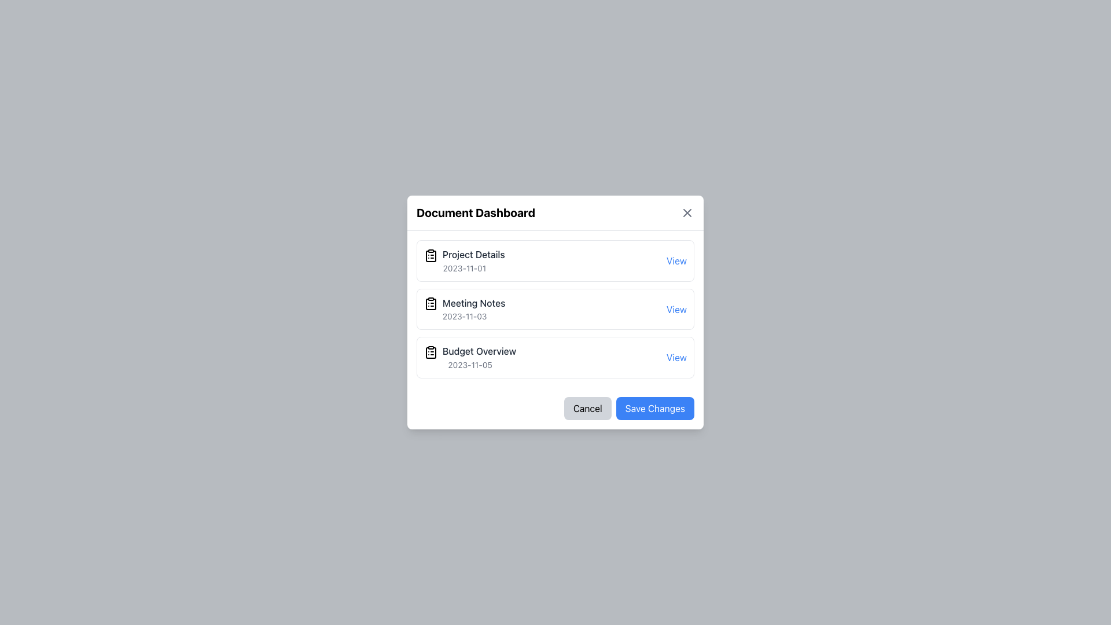 This screenshot has width=1111, height=625. Describe the element at coordinates (555, 308) in the screenshot. I see `the Interactive card for 'Meeting Notes' dated '2023-11-03' within the 'Document Dashboard', which contains a clickable 'View' link` at that location.